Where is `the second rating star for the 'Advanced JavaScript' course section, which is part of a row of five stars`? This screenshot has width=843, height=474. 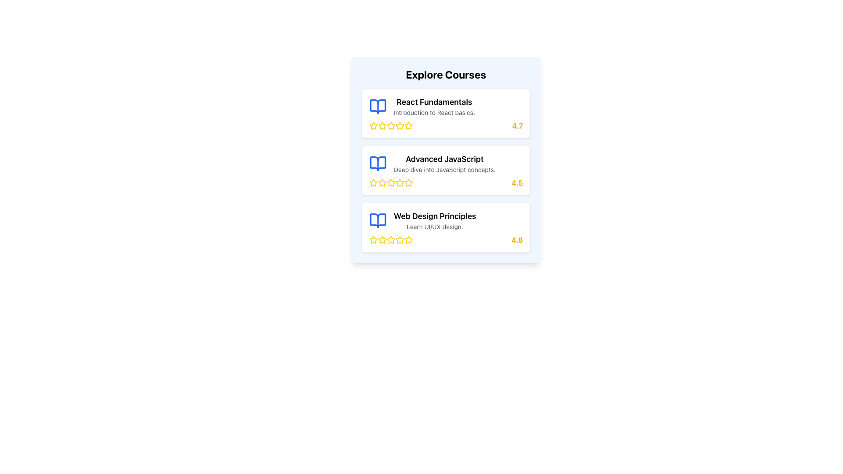 the second rating star for the 'Advanced JavaScript' course section, which is part of a row of five stars is located at coordinates (391, 182).